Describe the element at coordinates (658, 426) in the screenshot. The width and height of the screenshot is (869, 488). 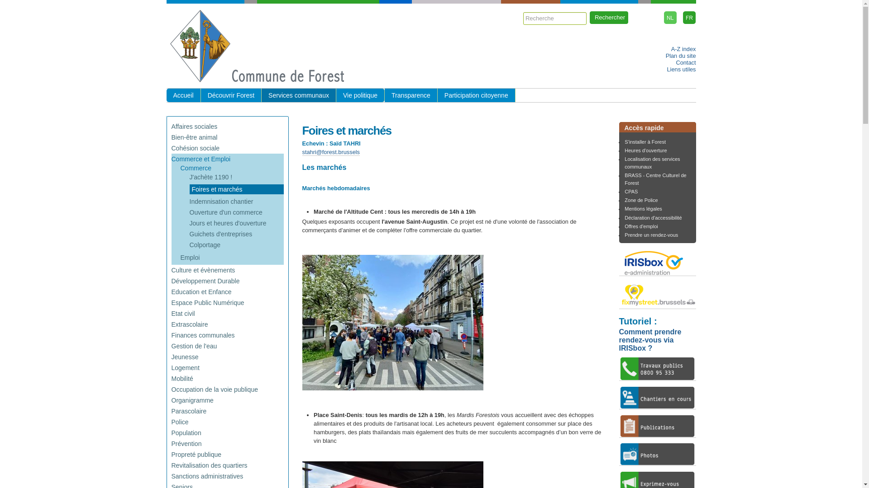
I see `'publications'` at that location.